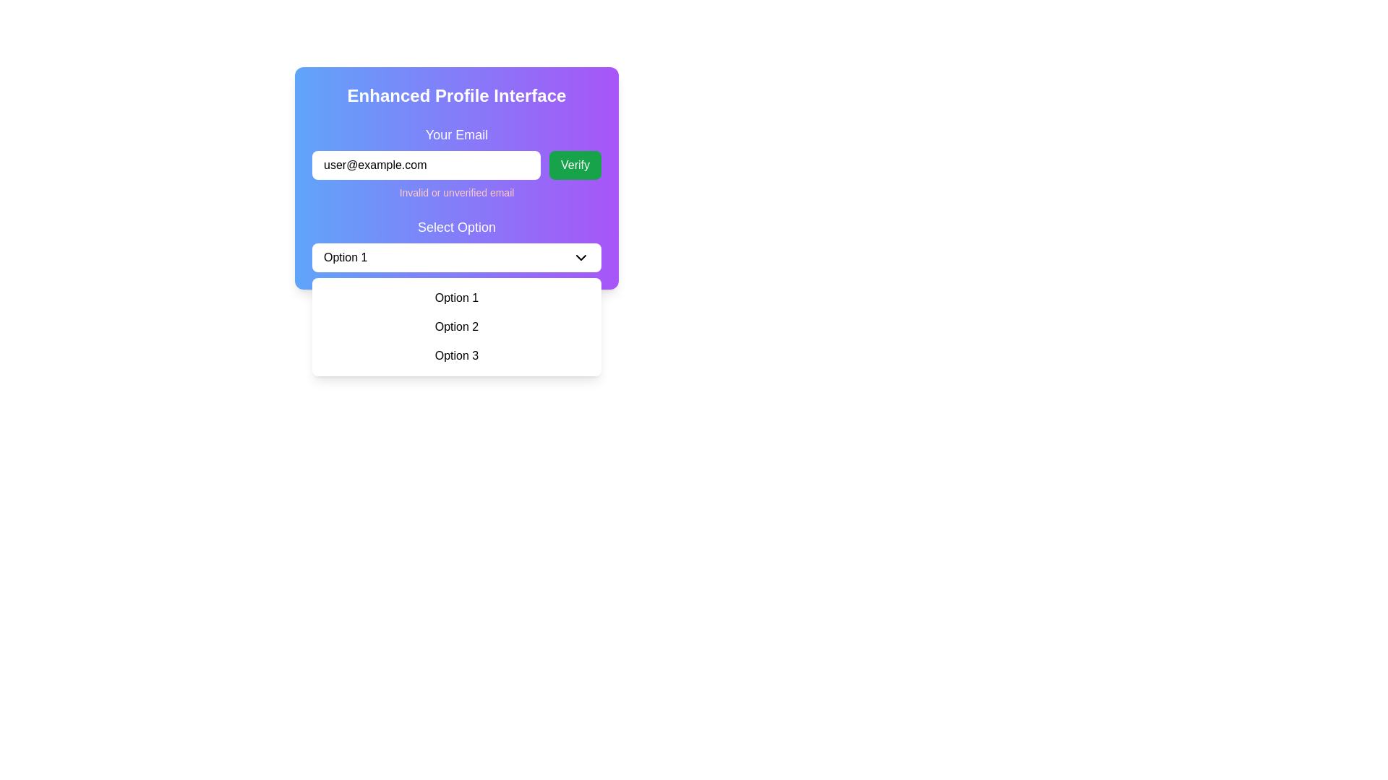 This screenshot has height=780, width=1388. Describe the element at coordinates (456, 95) in the screenshot. I see `the static text label displaying 'Enhanced Profile Interface', which is styled in a large, bold font and located at the top of the interface` at that location.